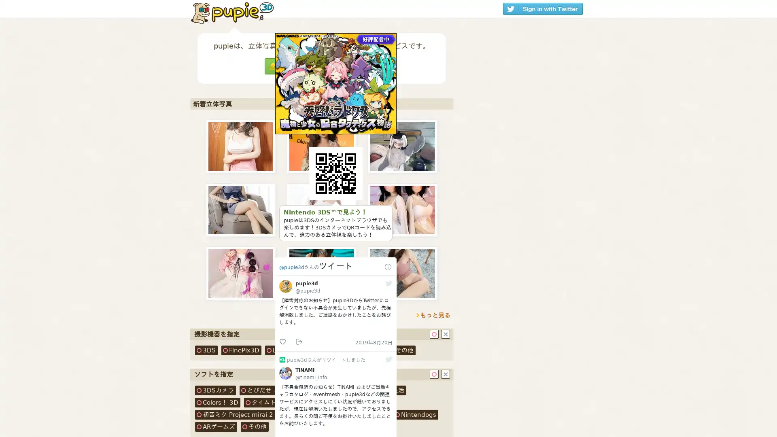  Describe the element at coordinates (349, 403) in the screenshot. I see `Project mirai` at that location.